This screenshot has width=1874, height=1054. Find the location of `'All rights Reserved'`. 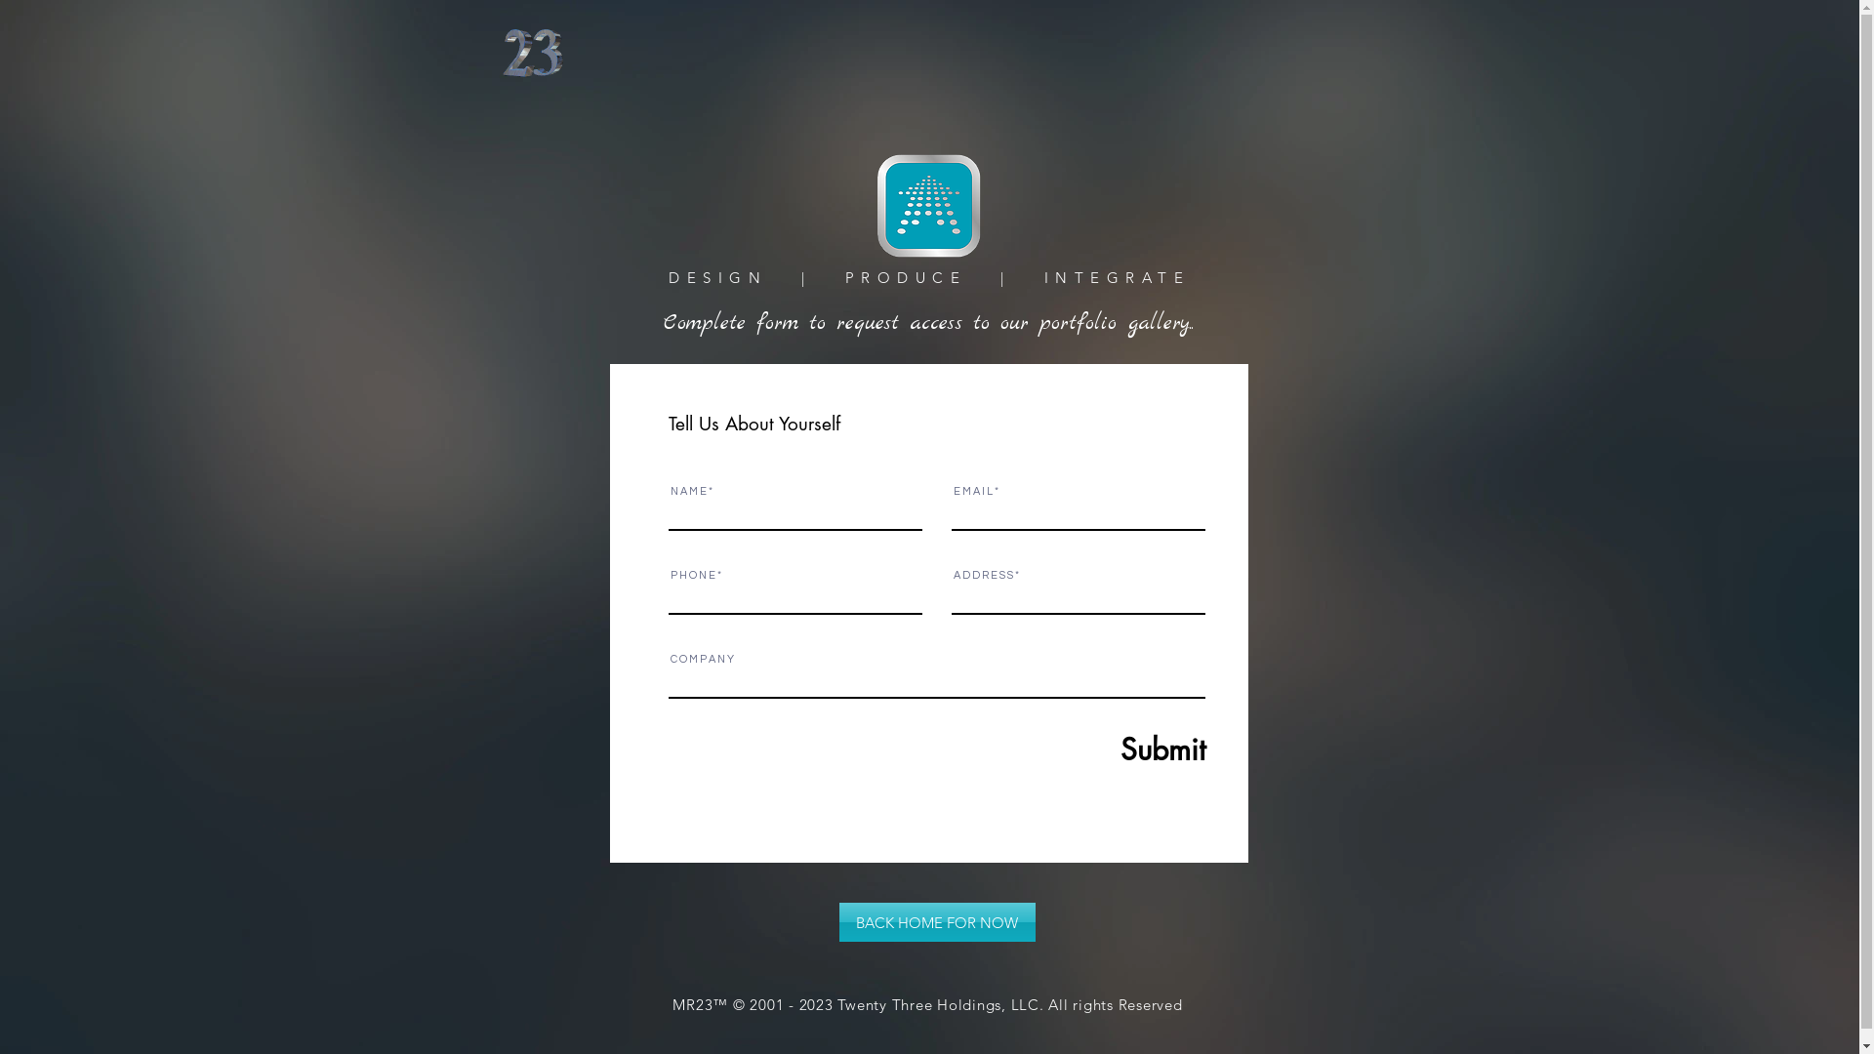

'All rights Reserved' is located at coordinates (1115, 1004).